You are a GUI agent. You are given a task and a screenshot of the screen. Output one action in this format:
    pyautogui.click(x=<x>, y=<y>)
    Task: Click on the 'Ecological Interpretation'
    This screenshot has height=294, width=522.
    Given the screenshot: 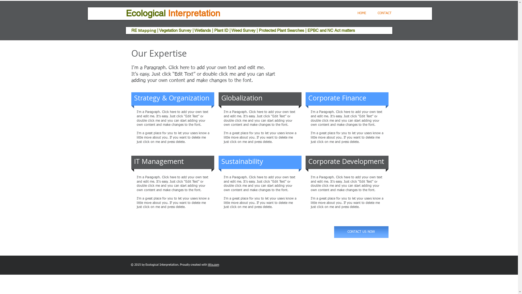 What is the action you would take?
    pyautogui.click(x=172, y=13)
    